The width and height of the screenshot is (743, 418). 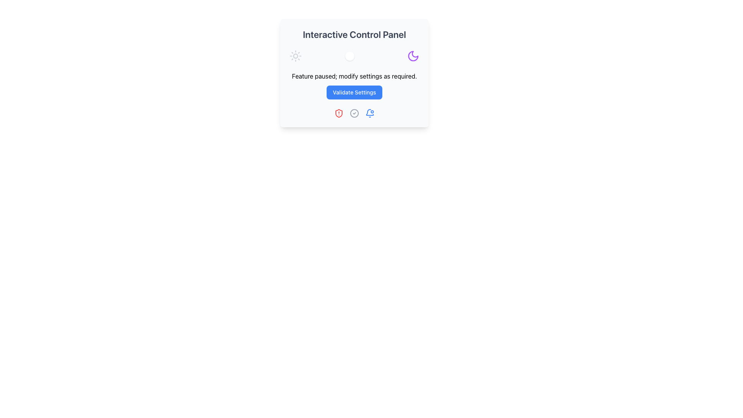 What do you see at coordinates (339, 113) in the screenshot?
I see `the leftmost shield icon located in the bottom row of three icons beneath the 'Validate Settings' button` at bounding box center [339, 113].